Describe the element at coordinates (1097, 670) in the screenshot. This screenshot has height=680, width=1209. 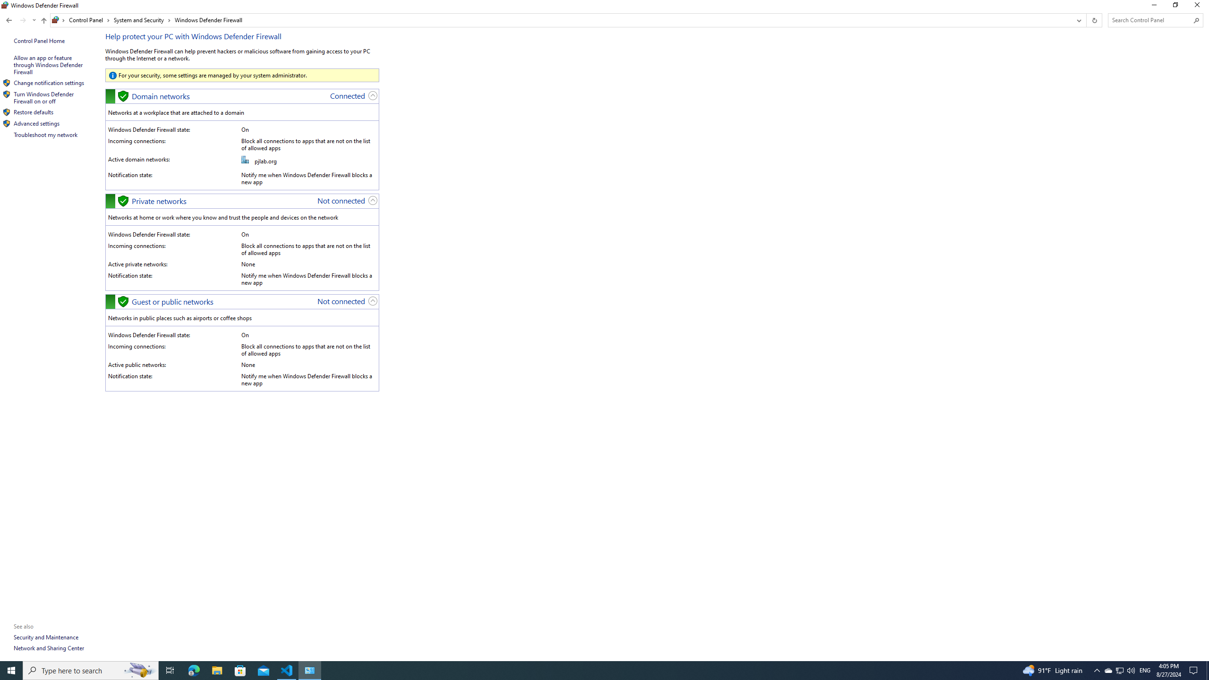
I see `'Notification Chevron'` at that location.